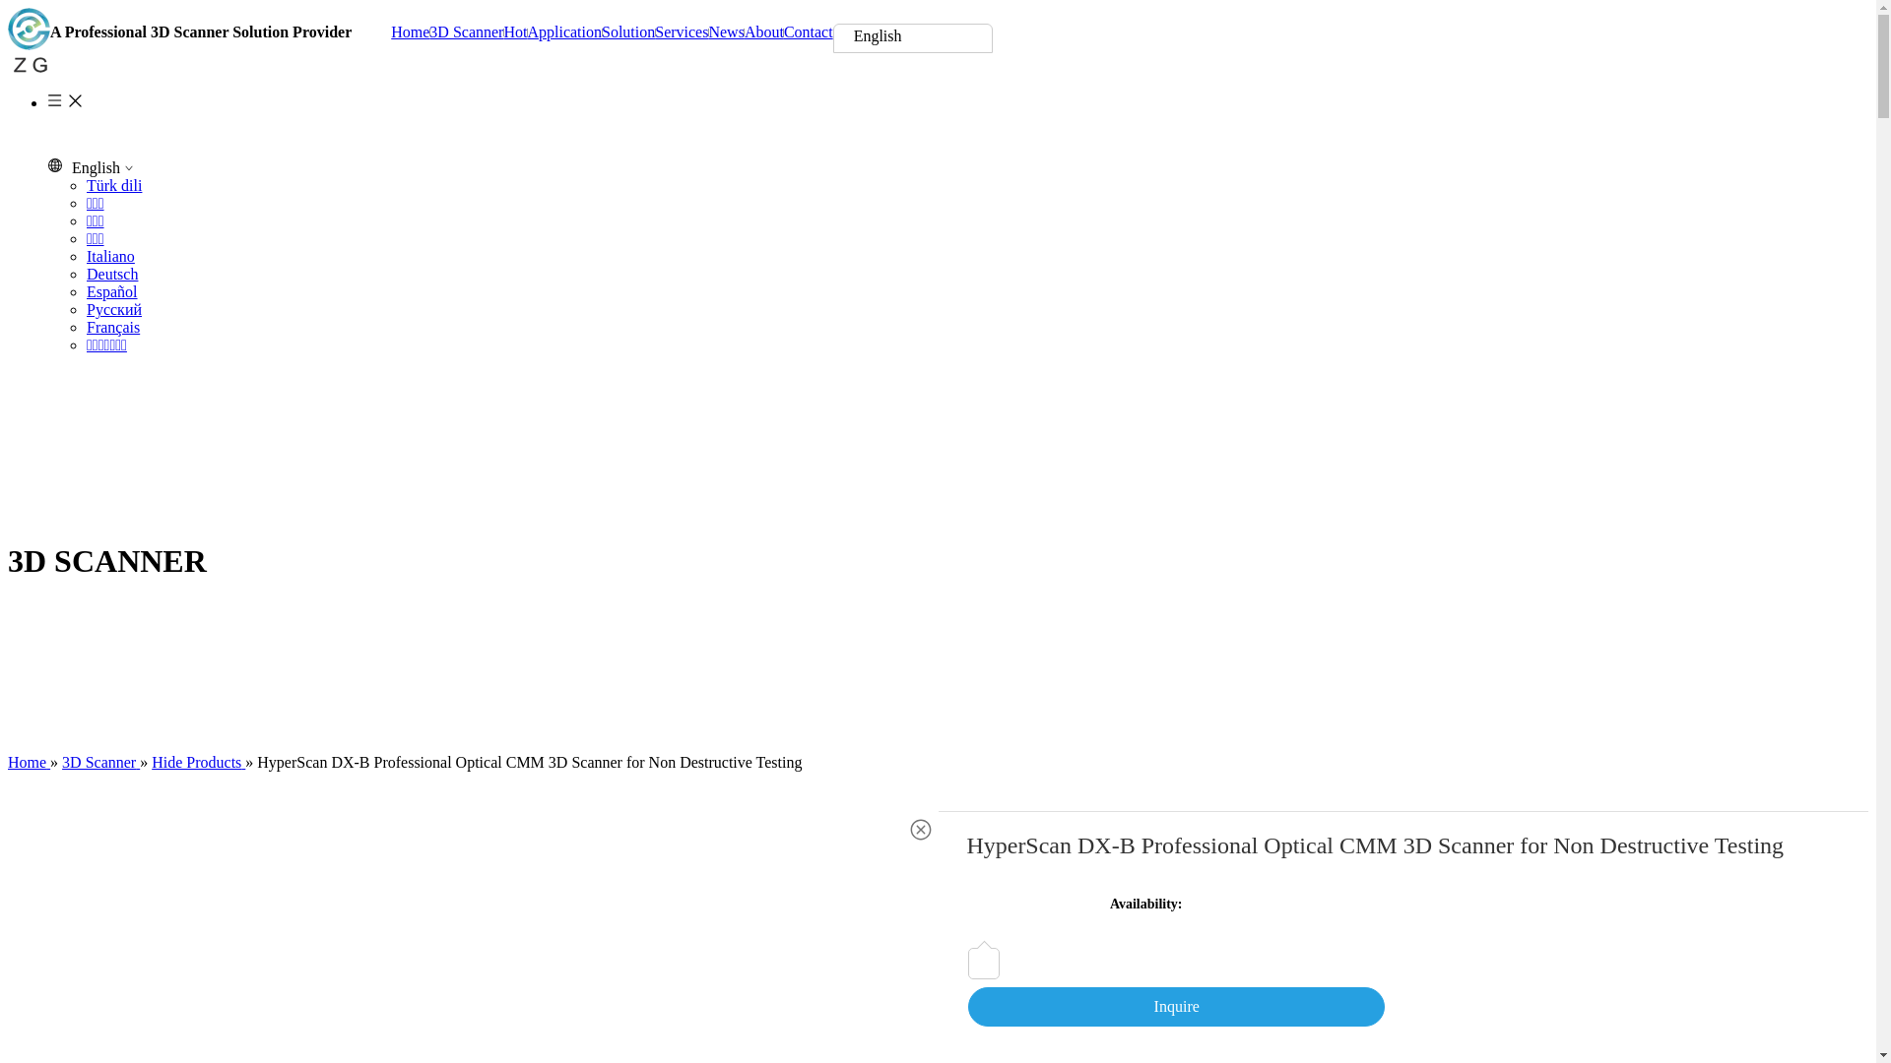  I want to click on 'Home', so click(8, 761).